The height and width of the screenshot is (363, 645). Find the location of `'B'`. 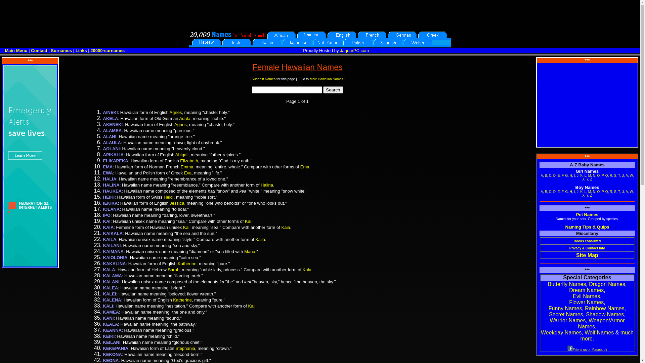

'B' is located at coordinates (545, 175).